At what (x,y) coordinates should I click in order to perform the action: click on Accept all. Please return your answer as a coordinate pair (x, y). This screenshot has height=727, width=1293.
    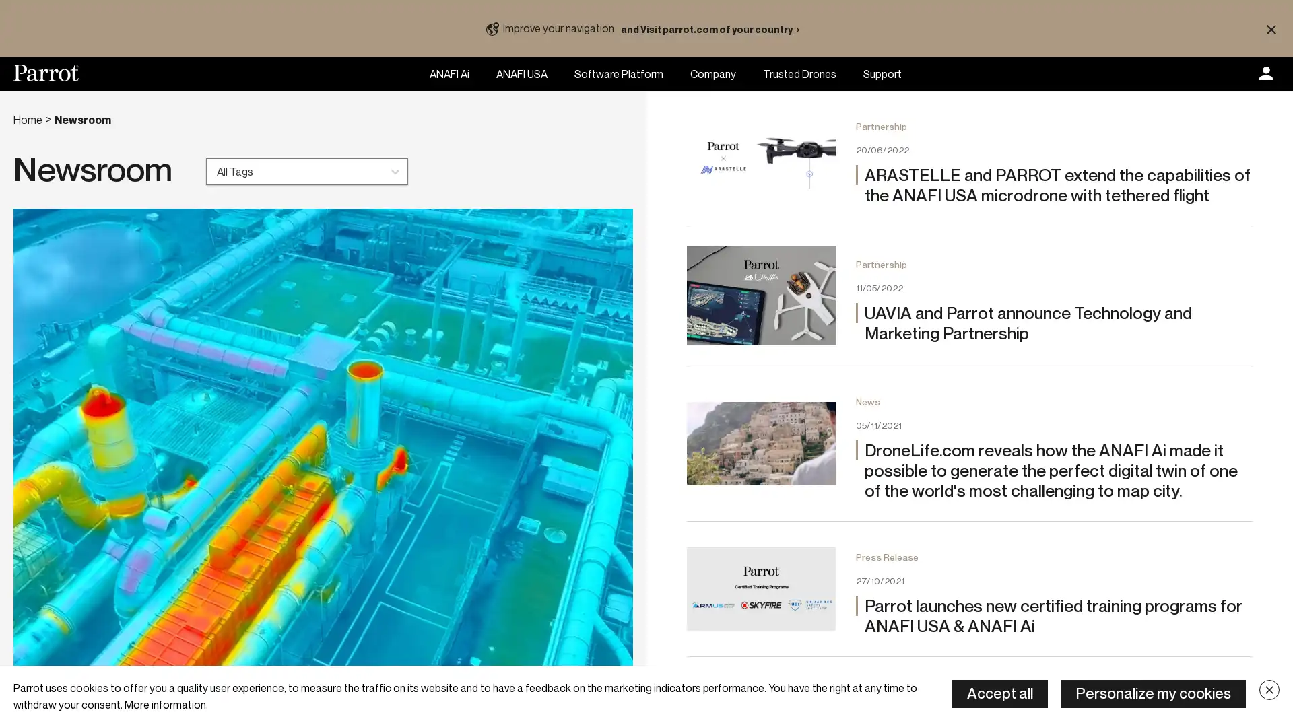
    Looking at the image, I should click on (999, 693).